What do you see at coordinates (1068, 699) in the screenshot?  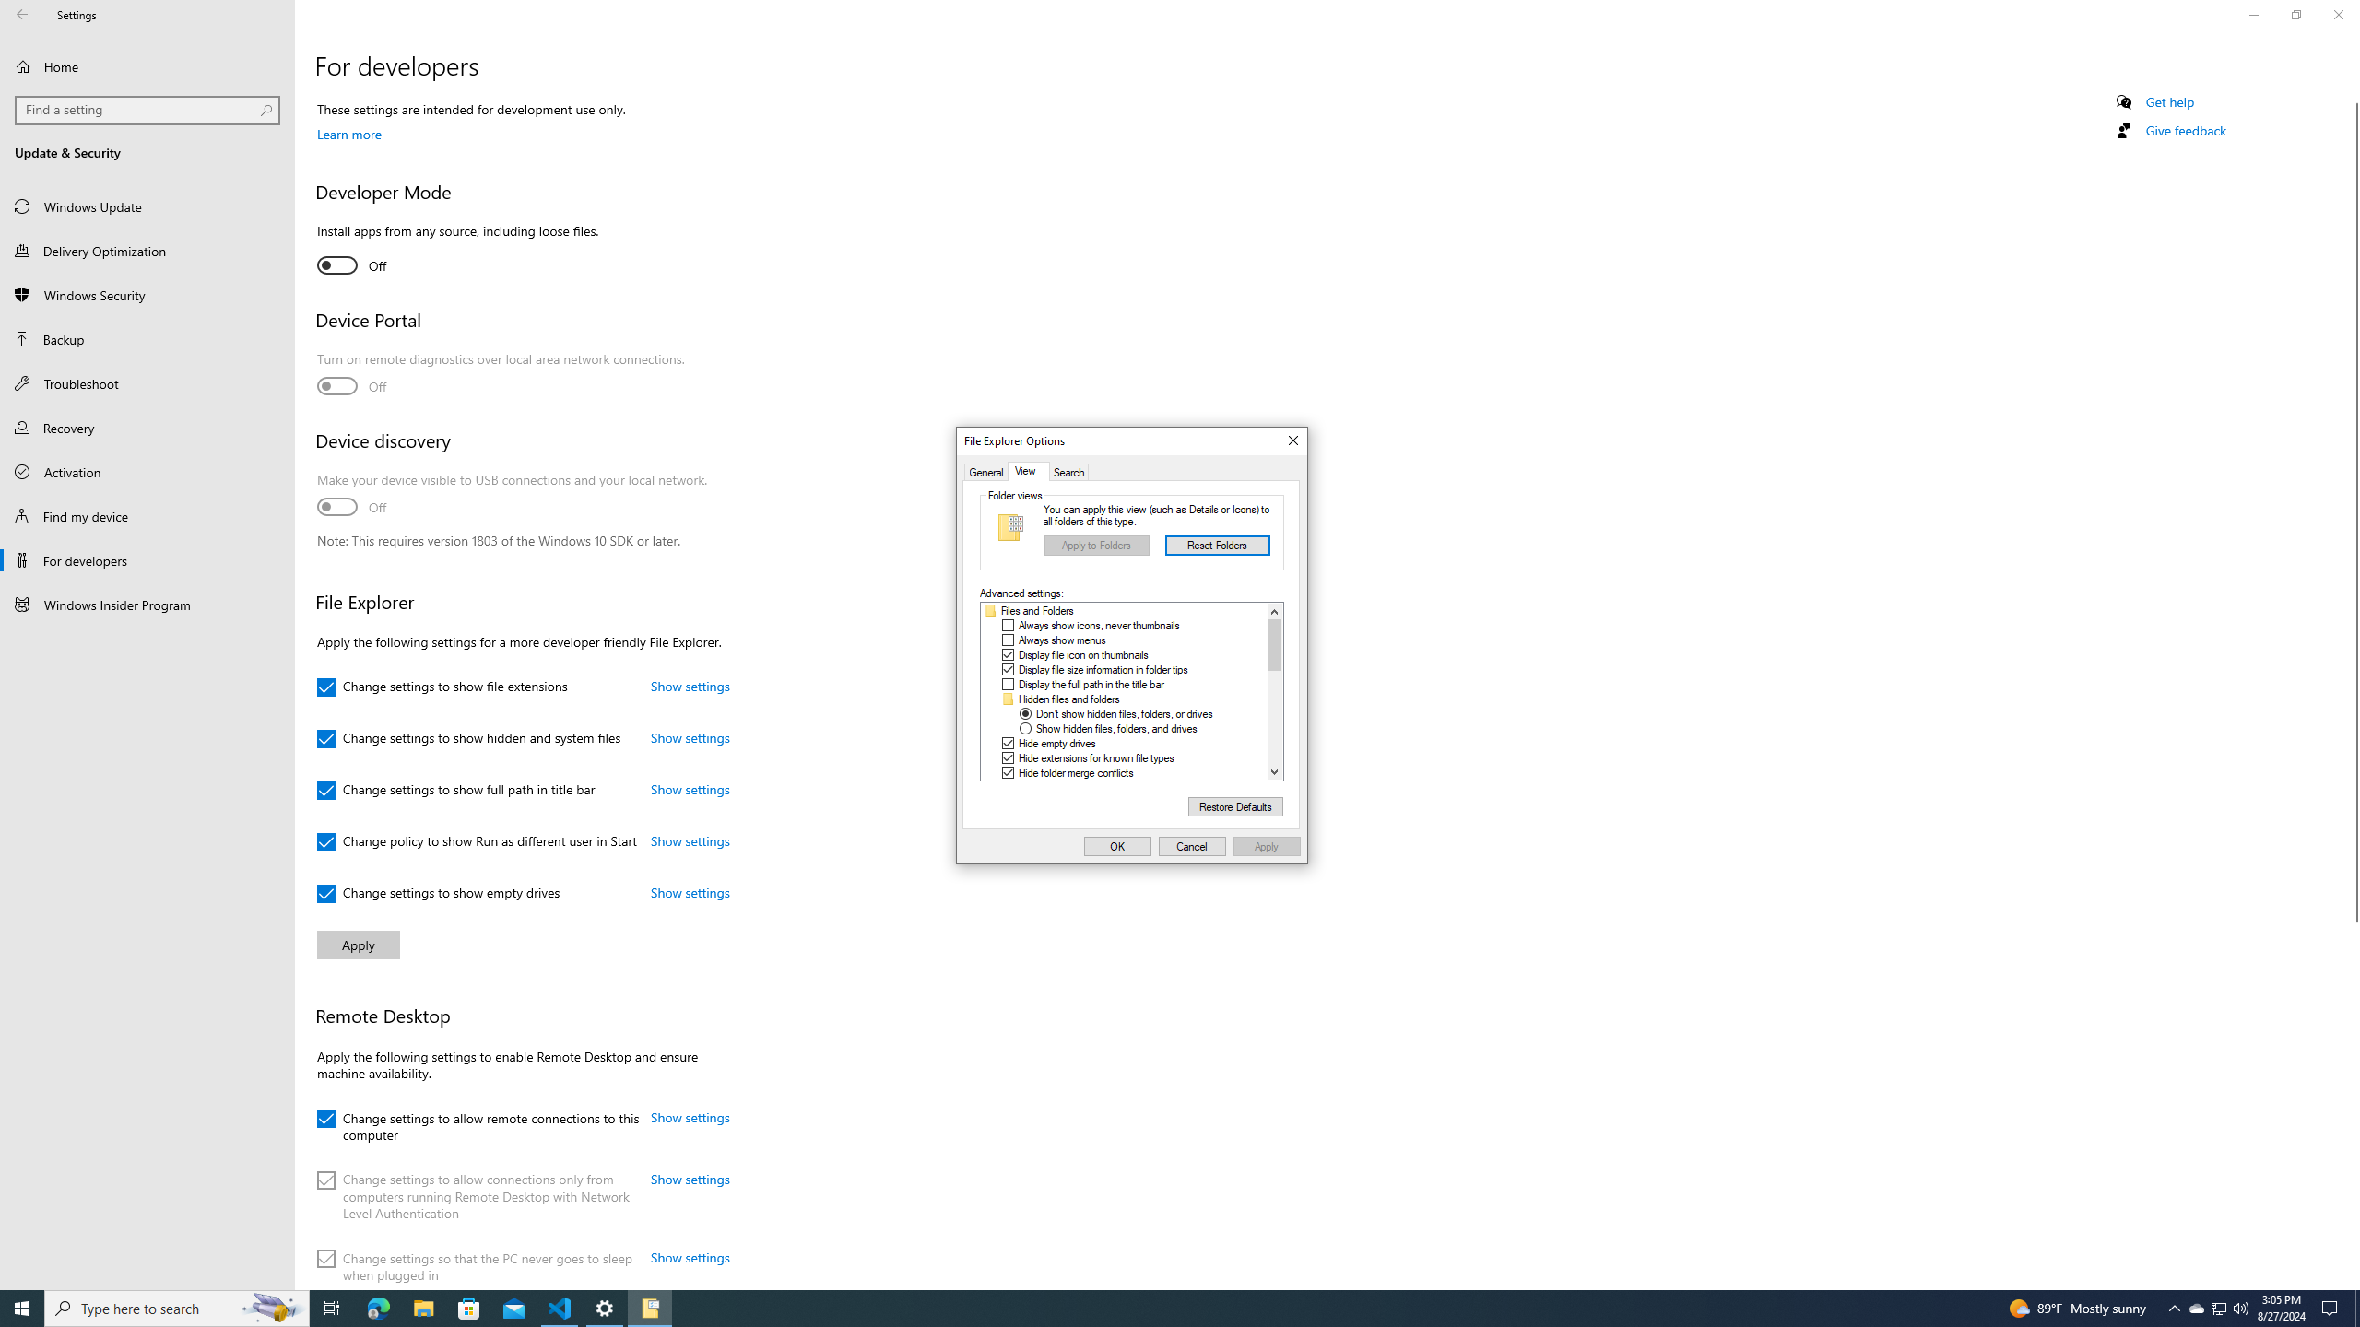 I see `'Hidden files and folders'` at bounding box center [1068, 699].